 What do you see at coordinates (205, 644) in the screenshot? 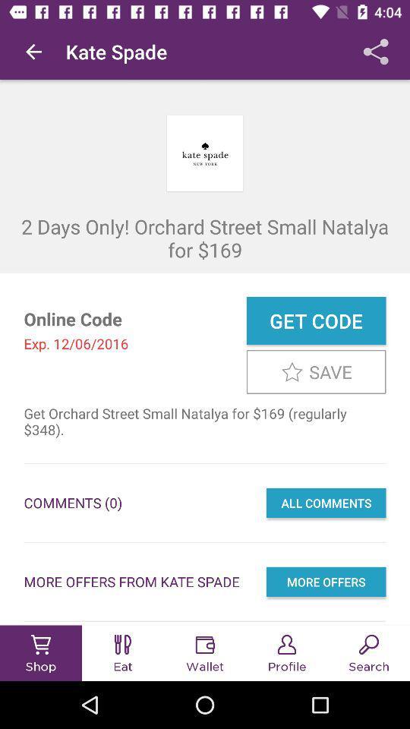
I see `the wallet icon` at bounding box center [205, 644].